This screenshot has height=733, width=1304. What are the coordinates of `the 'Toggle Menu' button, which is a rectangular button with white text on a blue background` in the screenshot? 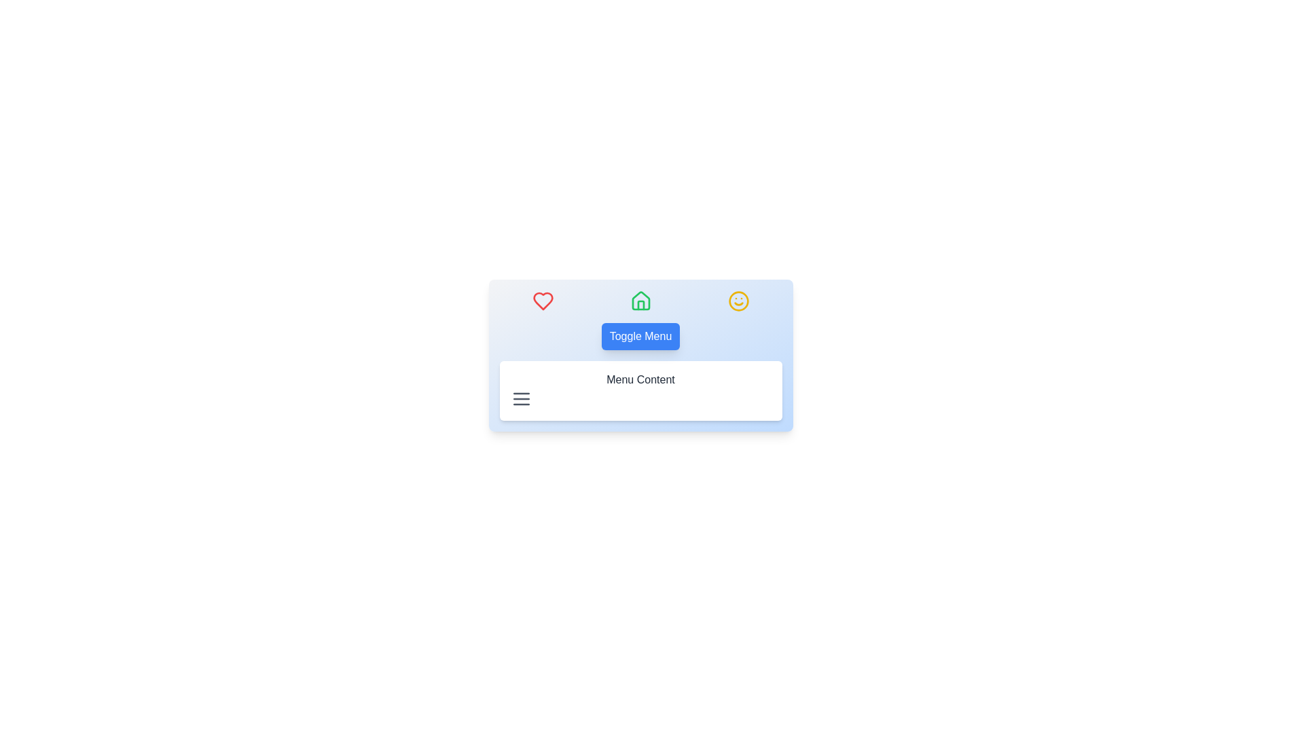 It's located at (640, 336).